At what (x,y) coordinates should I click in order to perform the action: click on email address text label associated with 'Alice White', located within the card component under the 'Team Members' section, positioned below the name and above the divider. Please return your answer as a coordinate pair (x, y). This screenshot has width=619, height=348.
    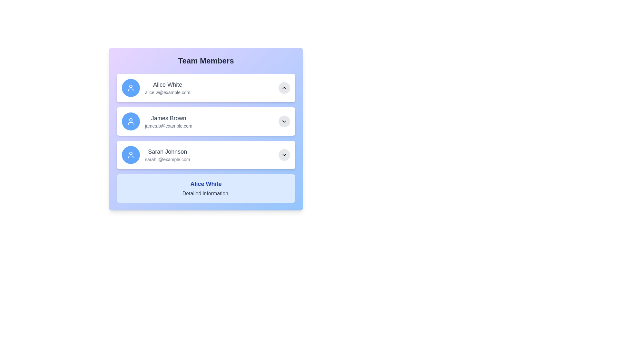
    Looking at the image, I should click on (168, 92).